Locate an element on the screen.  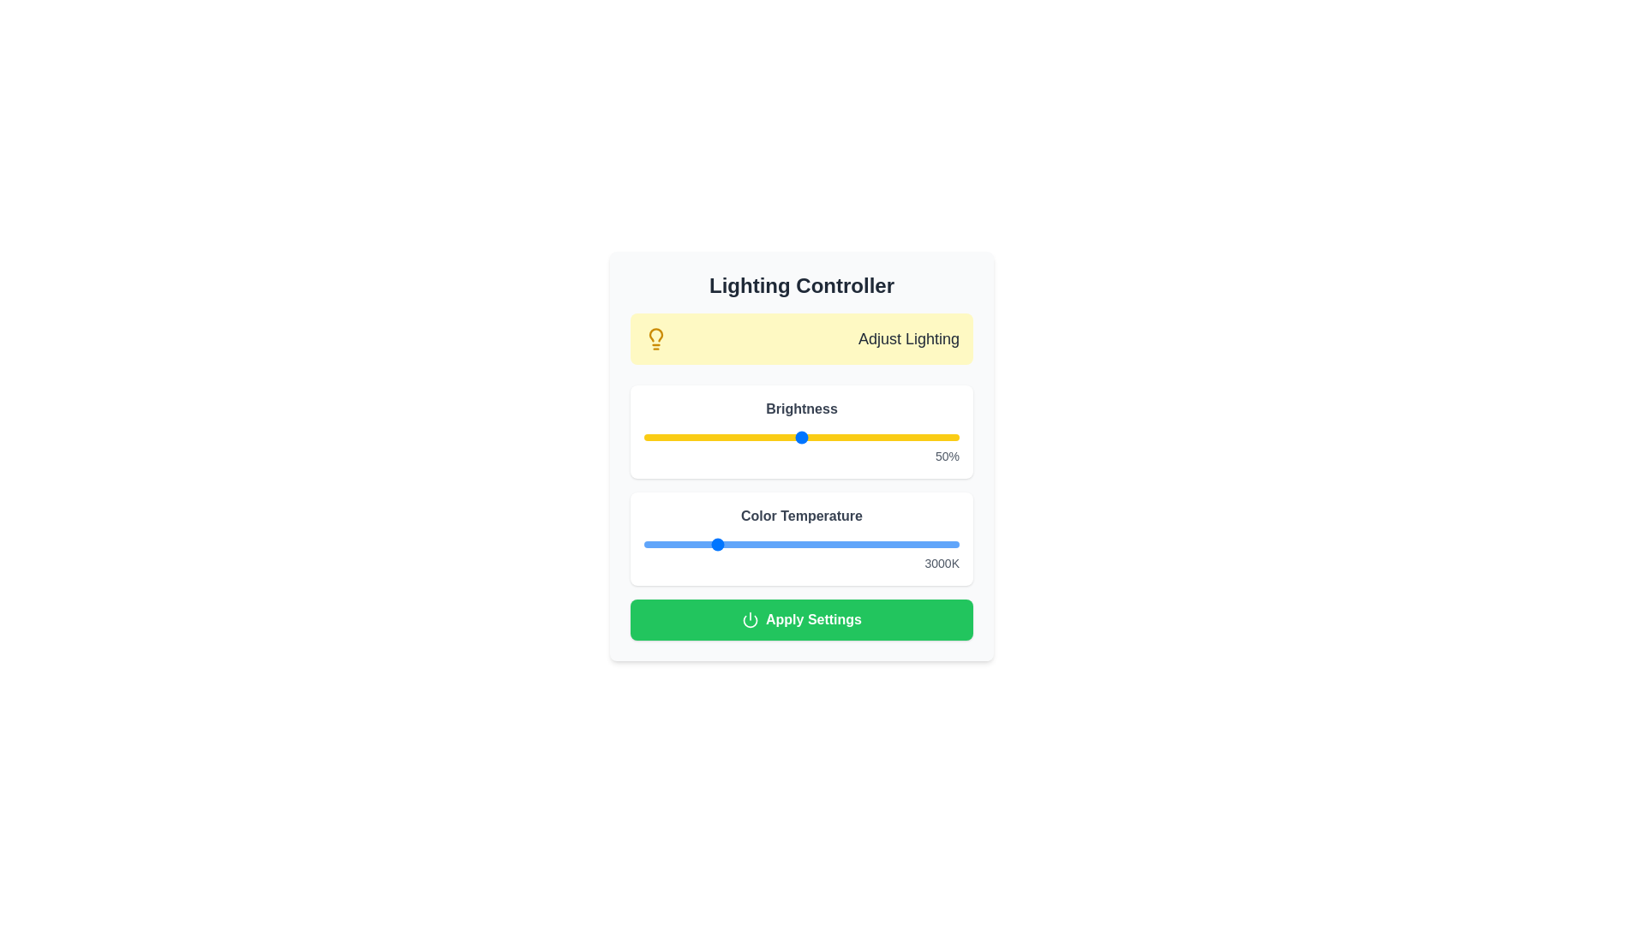
the 'Adjust Lighting' icon or text to interact with the lighting adjustment feature is located at coordinates (655, 339).